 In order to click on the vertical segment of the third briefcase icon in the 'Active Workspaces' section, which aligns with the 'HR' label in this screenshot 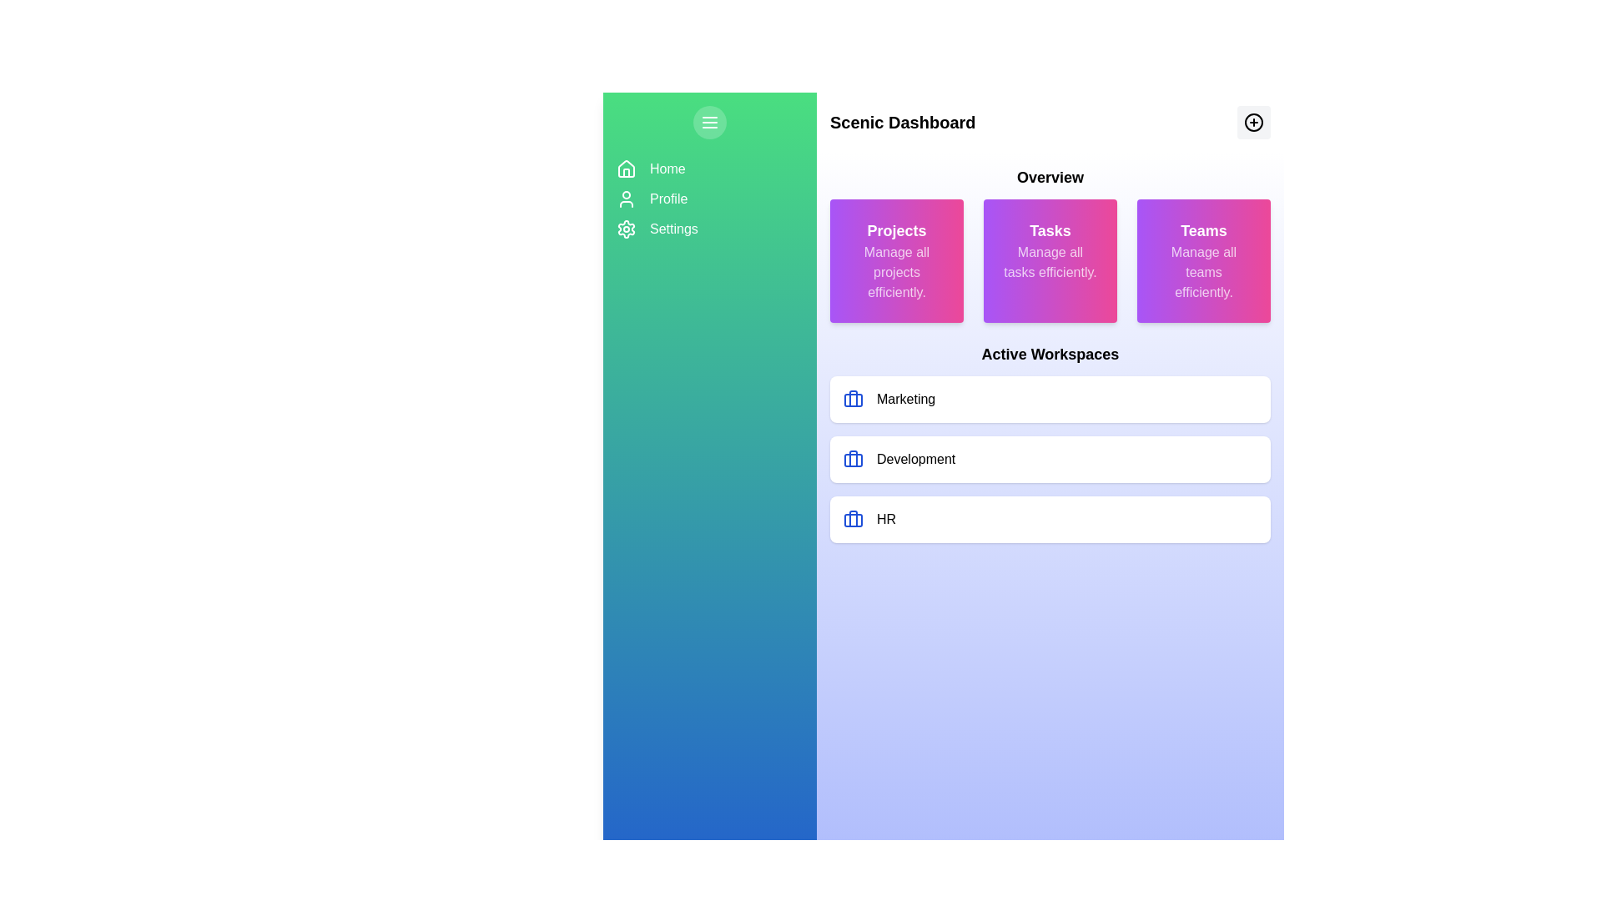, I will do `click(853, 517)`.